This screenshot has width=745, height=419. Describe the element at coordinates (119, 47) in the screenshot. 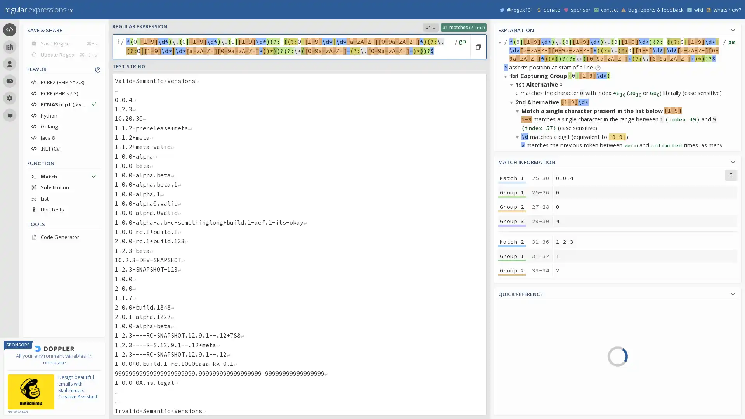

I see `Change delimiter` at that location.